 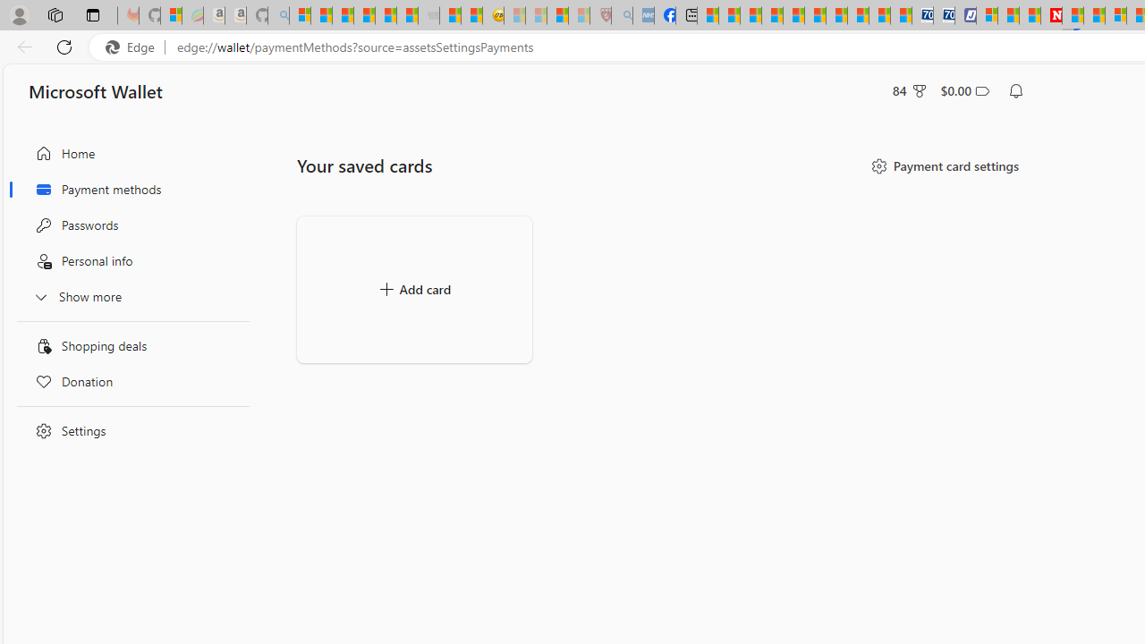 What do you see at coordinates (579, 15) in the screenshot?
I see `'12 Popular Science Lies that Must be Corrected - Sleeping'` at bounding box center [579, 15].